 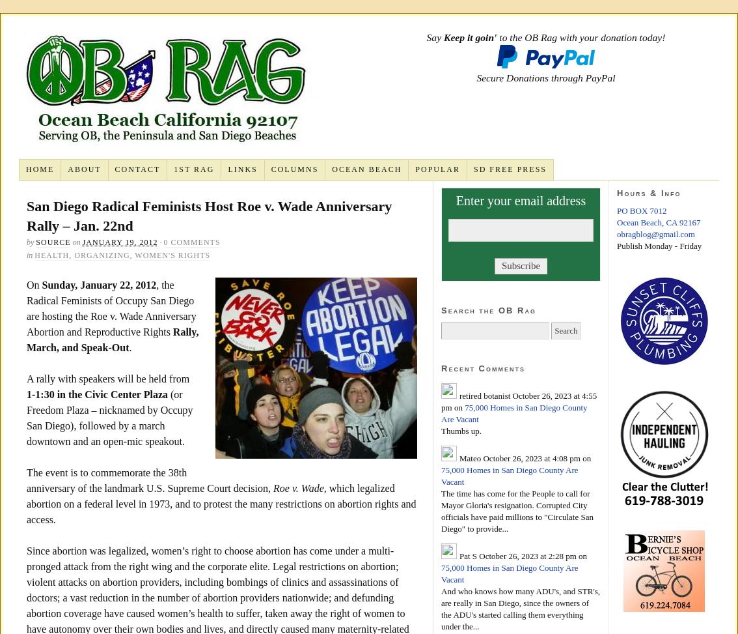 I want to click on 'Vol. 1, No. 16 – late June – early July 1971', so click(x=173, y=296).